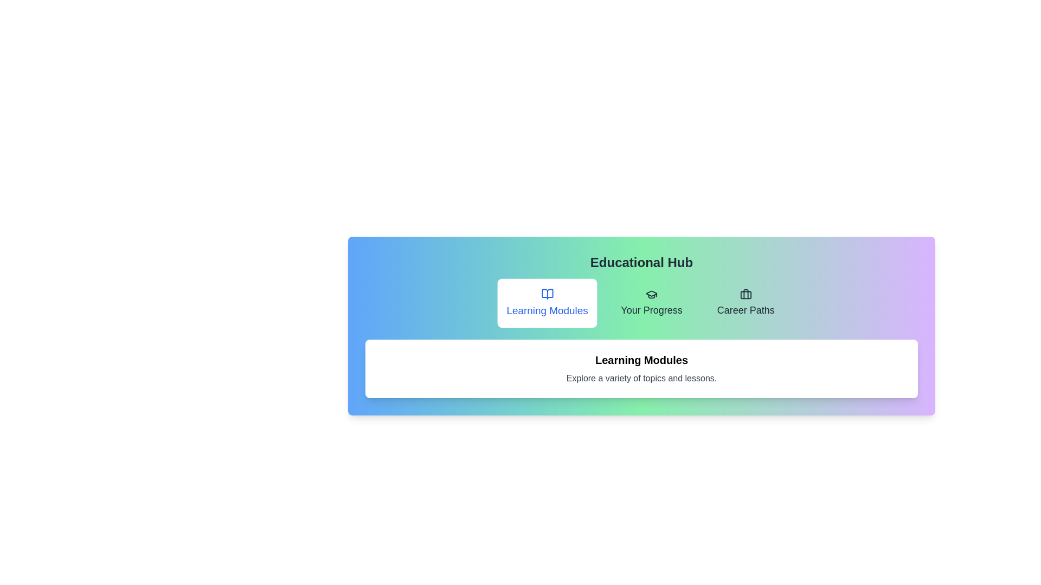 This screenshot has width=1041, height=585. Describe the element at coordinates (547, 303) in the screenshot. I see `the tab Learning Modules to view its content` at that location.